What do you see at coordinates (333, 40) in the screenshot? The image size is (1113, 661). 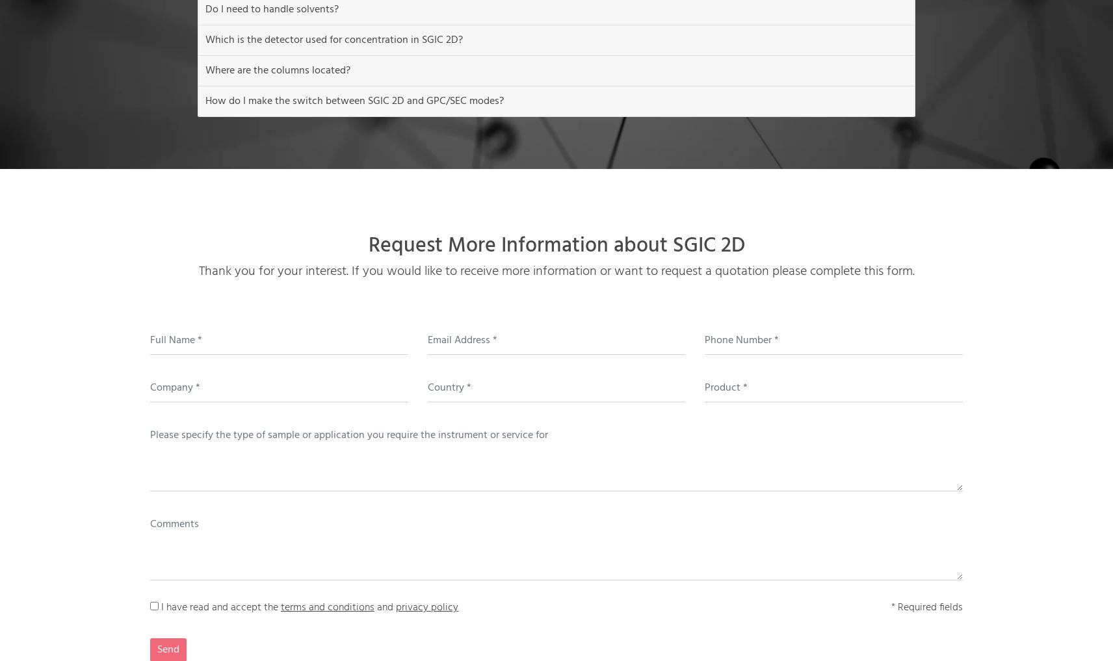 I see `'Which is the detector used for concentration in SGIC 2D?'` at bounding box center [333, 40].